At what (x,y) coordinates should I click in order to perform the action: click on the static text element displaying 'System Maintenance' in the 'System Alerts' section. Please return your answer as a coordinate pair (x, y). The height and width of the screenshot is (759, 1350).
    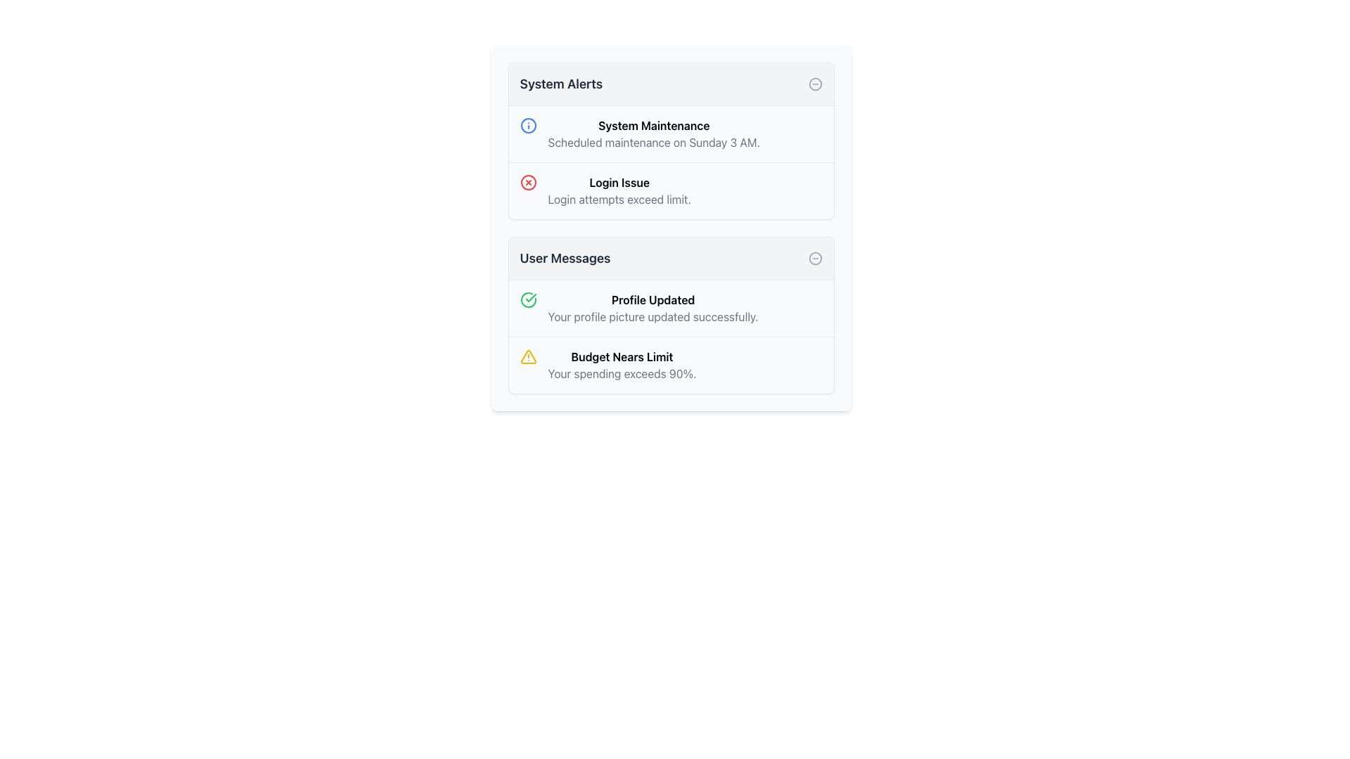
    Looking at the image, I should click on (653, 124).